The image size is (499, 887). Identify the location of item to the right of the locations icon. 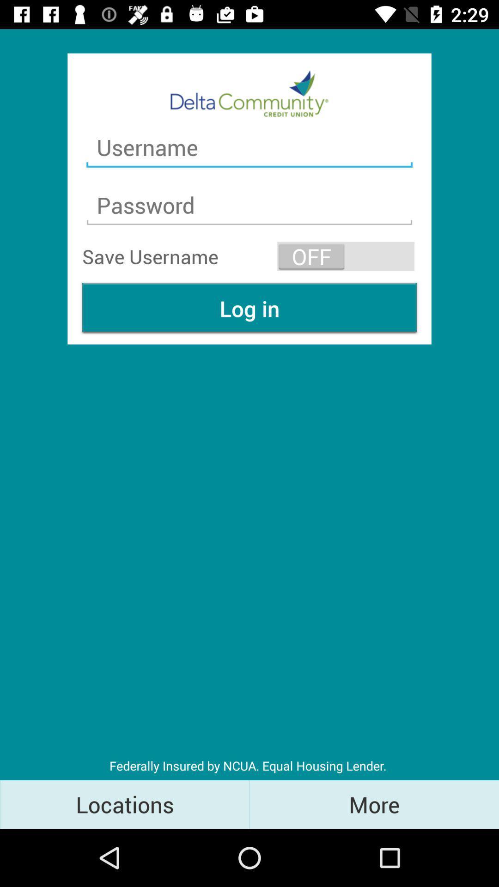
(374, 804).